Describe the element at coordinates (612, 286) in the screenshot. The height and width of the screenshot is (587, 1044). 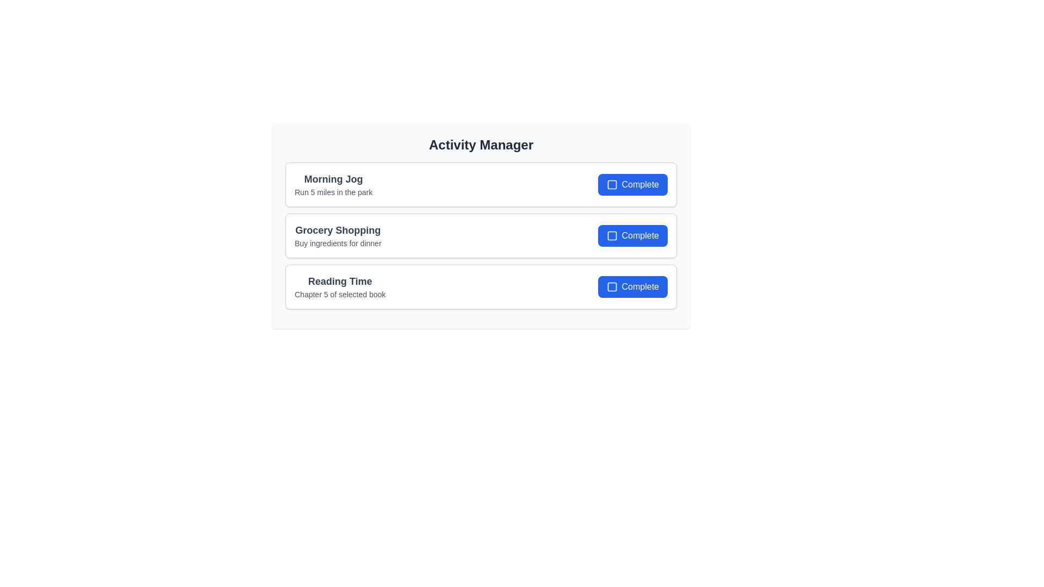
I see `the small square icon with rounded corners located inside the blue 'Complete' button for the 'Reading Time' activity labeled 'Chapter 5 of selected book'` at that location.